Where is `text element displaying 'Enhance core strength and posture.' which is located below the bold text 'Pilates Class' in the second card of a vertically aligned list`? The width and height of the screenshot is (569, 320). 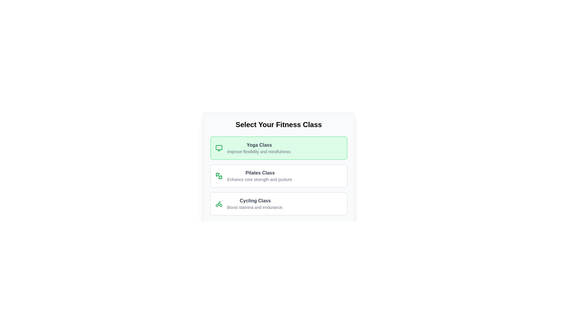 text element displaying 'Enhance core strength and posture.' which is located below the bold text 'Pilates Class' in the second card of a vertically aligned list is located at coordinates (260, 179).